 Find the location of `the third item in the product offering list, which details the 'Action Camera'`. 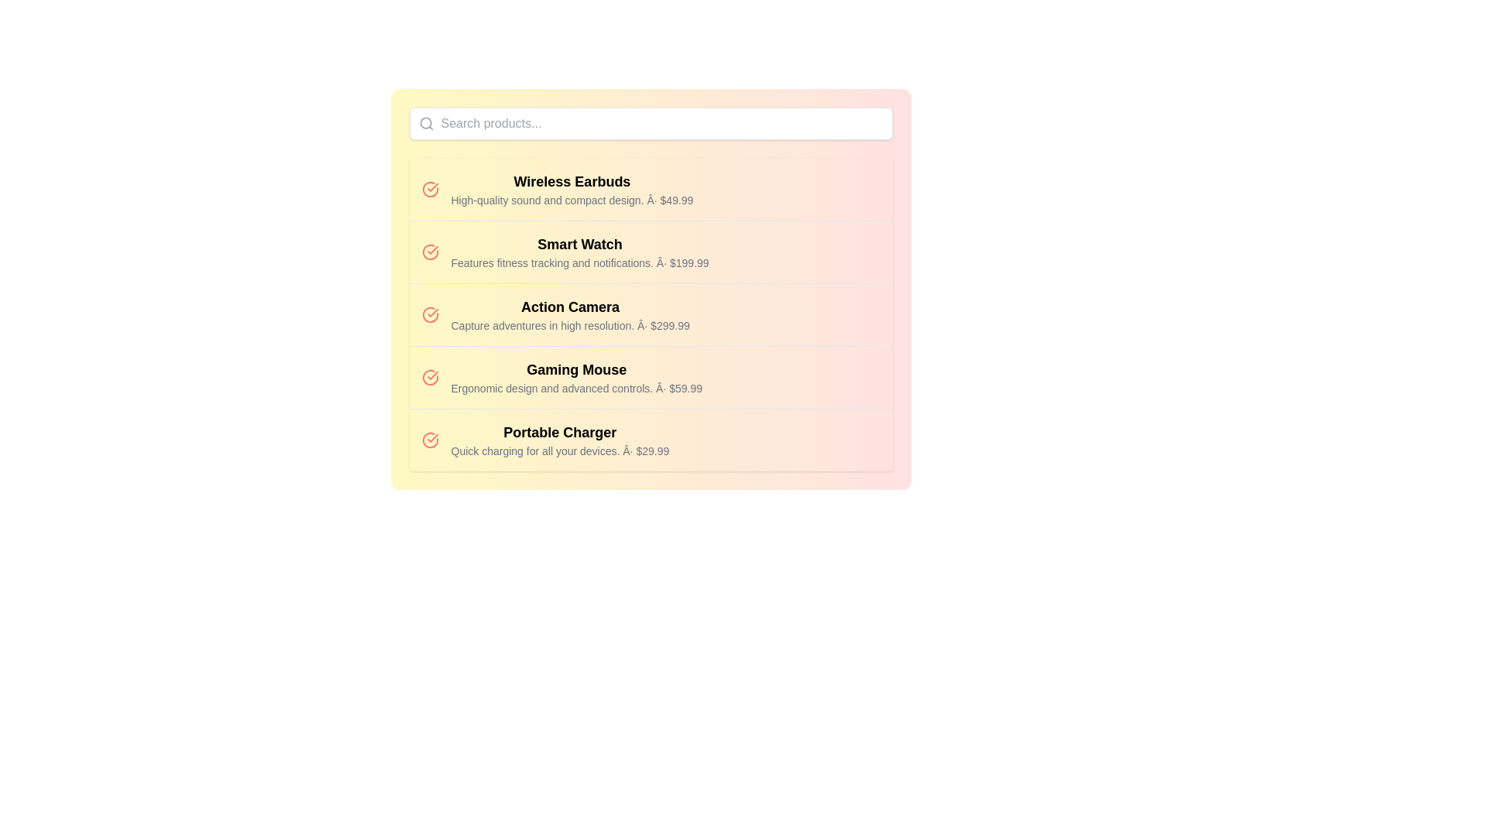

the third item in the product offering list, which details the 'Action Camera' is located at coordinates (651, 314).